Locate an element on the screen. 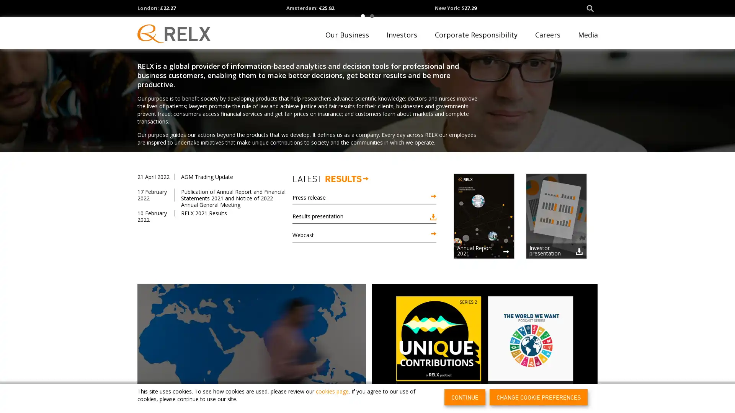 The image size is (735, 413). 1 is located at coordinates (363, 16).